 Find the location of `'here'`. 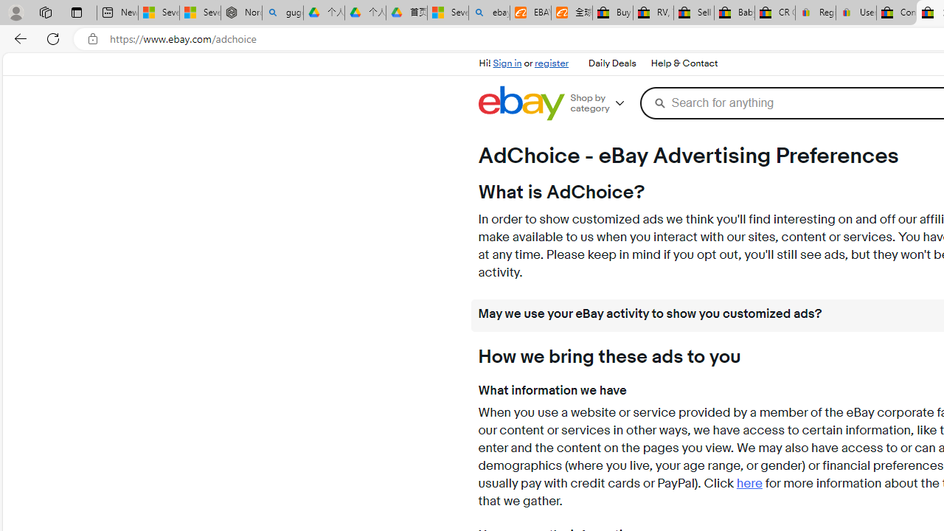

'here' is located at coordinates (749, 484).